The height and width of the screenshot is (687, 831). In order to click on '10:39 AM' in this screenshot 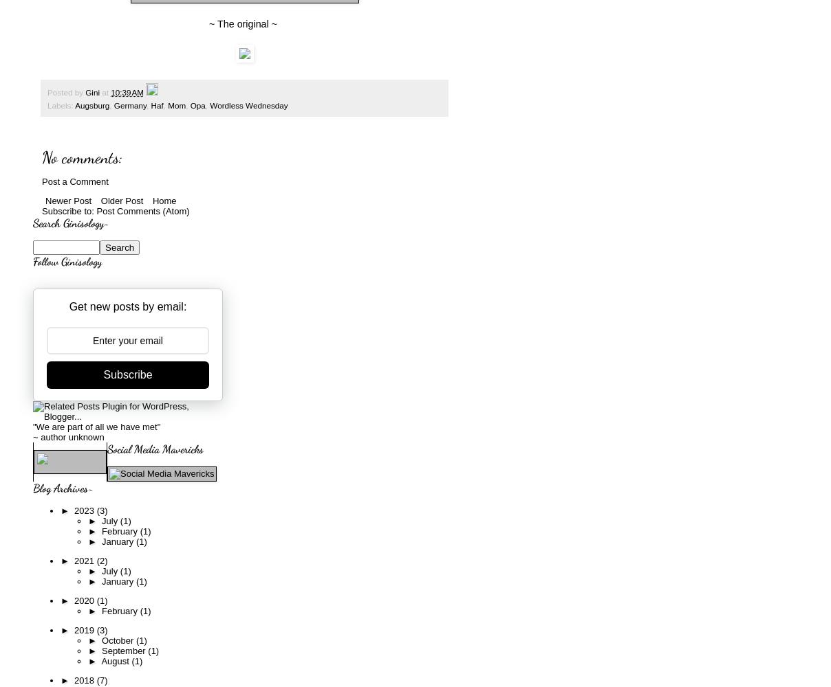, I will do `click(127, 92)`.